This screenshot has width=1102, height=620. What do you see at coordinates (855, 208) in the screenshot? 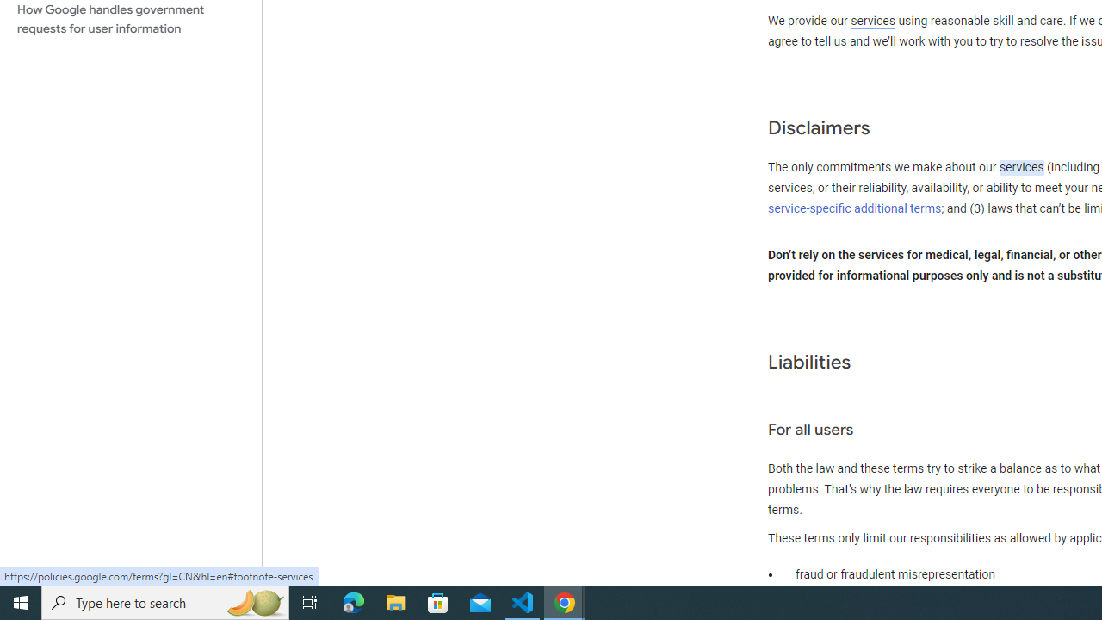
I see `'service-specific additional terms'` at bounding box center [855, 208].